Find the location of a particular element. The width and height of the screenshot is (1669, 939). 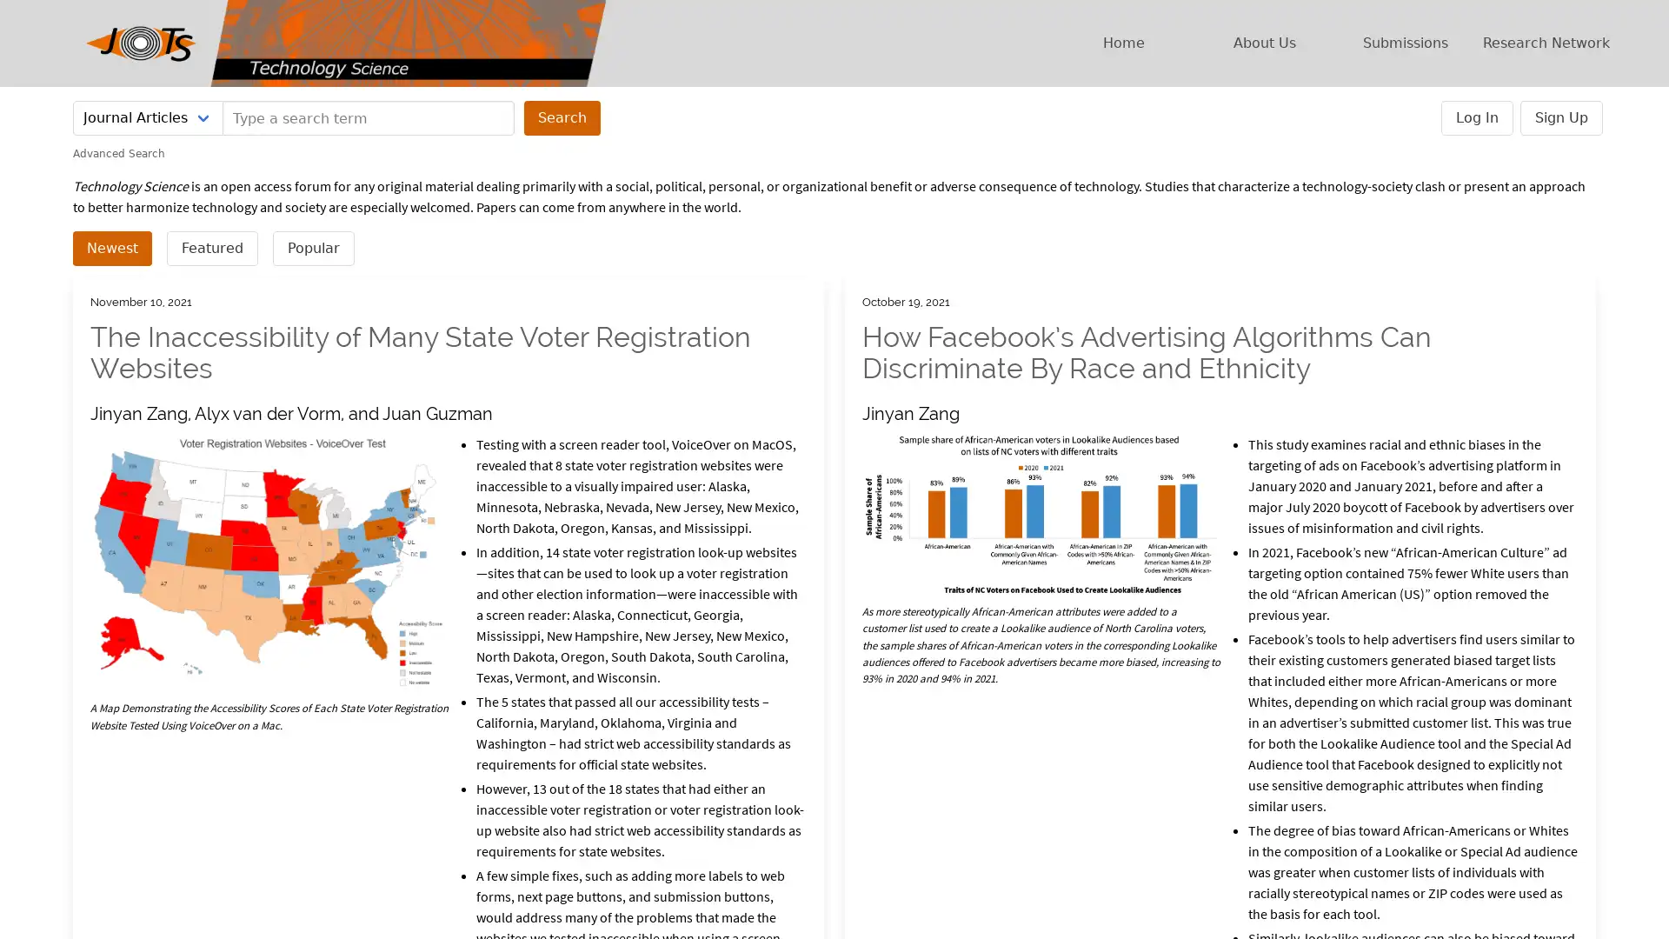

Newest is located at coordinates (111, 248).